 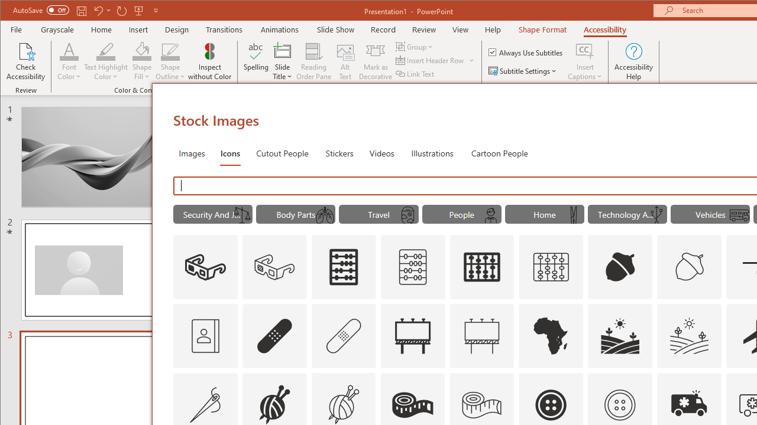 I want to click on 'AutomationID: Icons_SchoolBoy_M', so click(x=490, y=215).